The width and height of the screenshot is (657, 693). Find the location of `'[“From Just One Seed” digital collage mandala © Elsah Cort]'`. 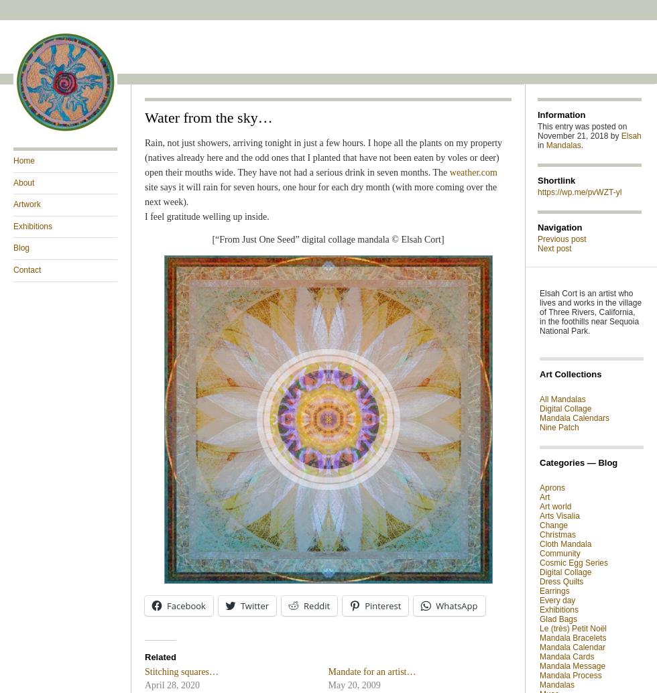

'[“From Just One Seed” digital collage mandala © Elsah Cort]' is located at coordinates (328, 239).